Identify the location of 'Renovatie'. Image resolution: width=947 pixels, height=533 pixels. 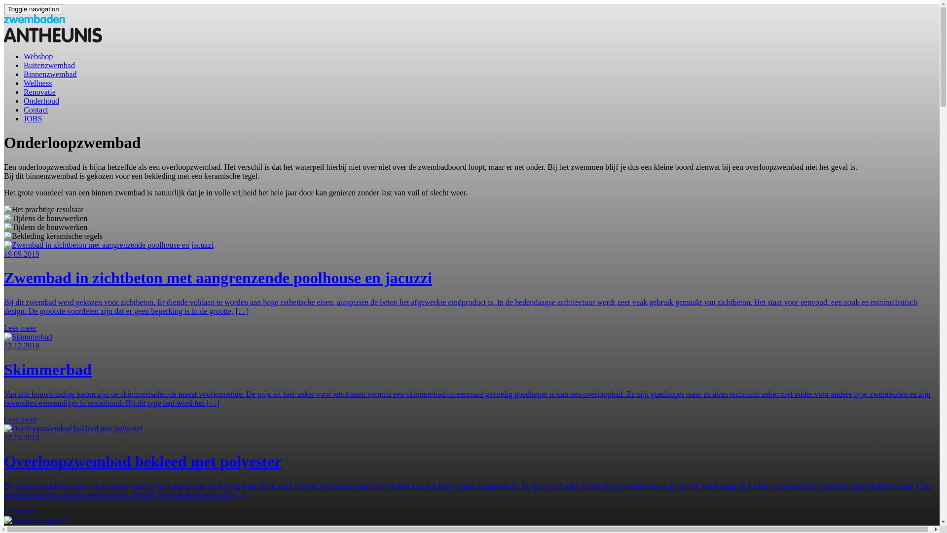
(39, 92).